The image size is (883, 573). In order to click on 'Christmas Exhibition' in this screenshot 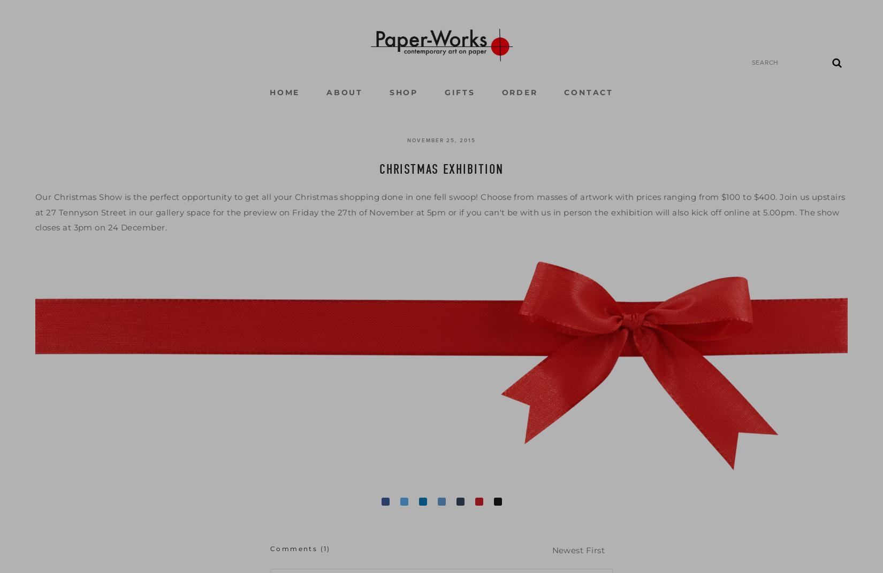, I will do `click(378, 168)`.